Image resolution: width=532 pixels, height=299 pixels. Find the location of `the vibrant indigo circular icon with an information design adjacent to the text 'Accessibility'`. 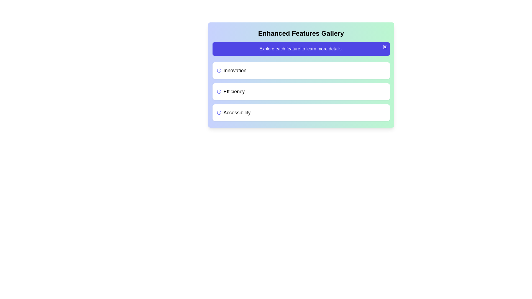

the vibrant indigo circular icon with an information design adjacent to the text 'Accessibility' is located at coordinates (219, 112).